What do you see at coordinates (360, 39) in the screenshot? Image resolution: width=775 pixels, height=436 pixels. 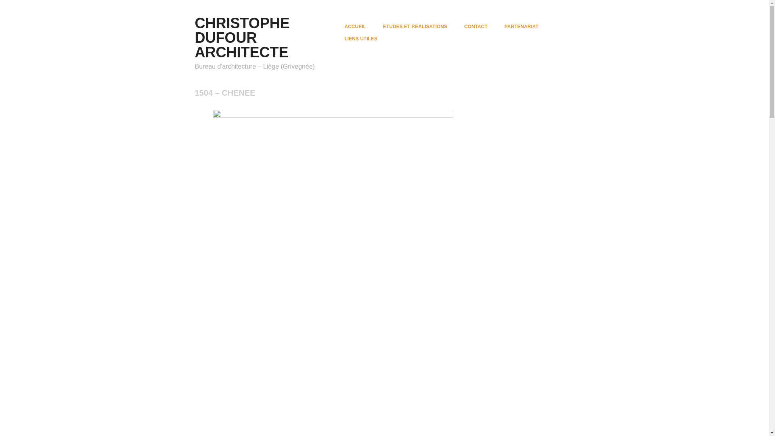 I see `'LIENS UTILES'` at bounding box center [360, 39].